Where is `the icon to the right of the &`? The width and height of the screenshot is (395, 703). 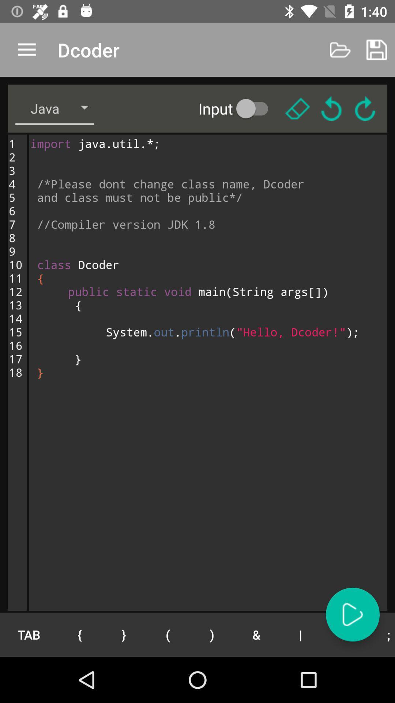 the icon to the right of the & is located at coordinates (300, 634).